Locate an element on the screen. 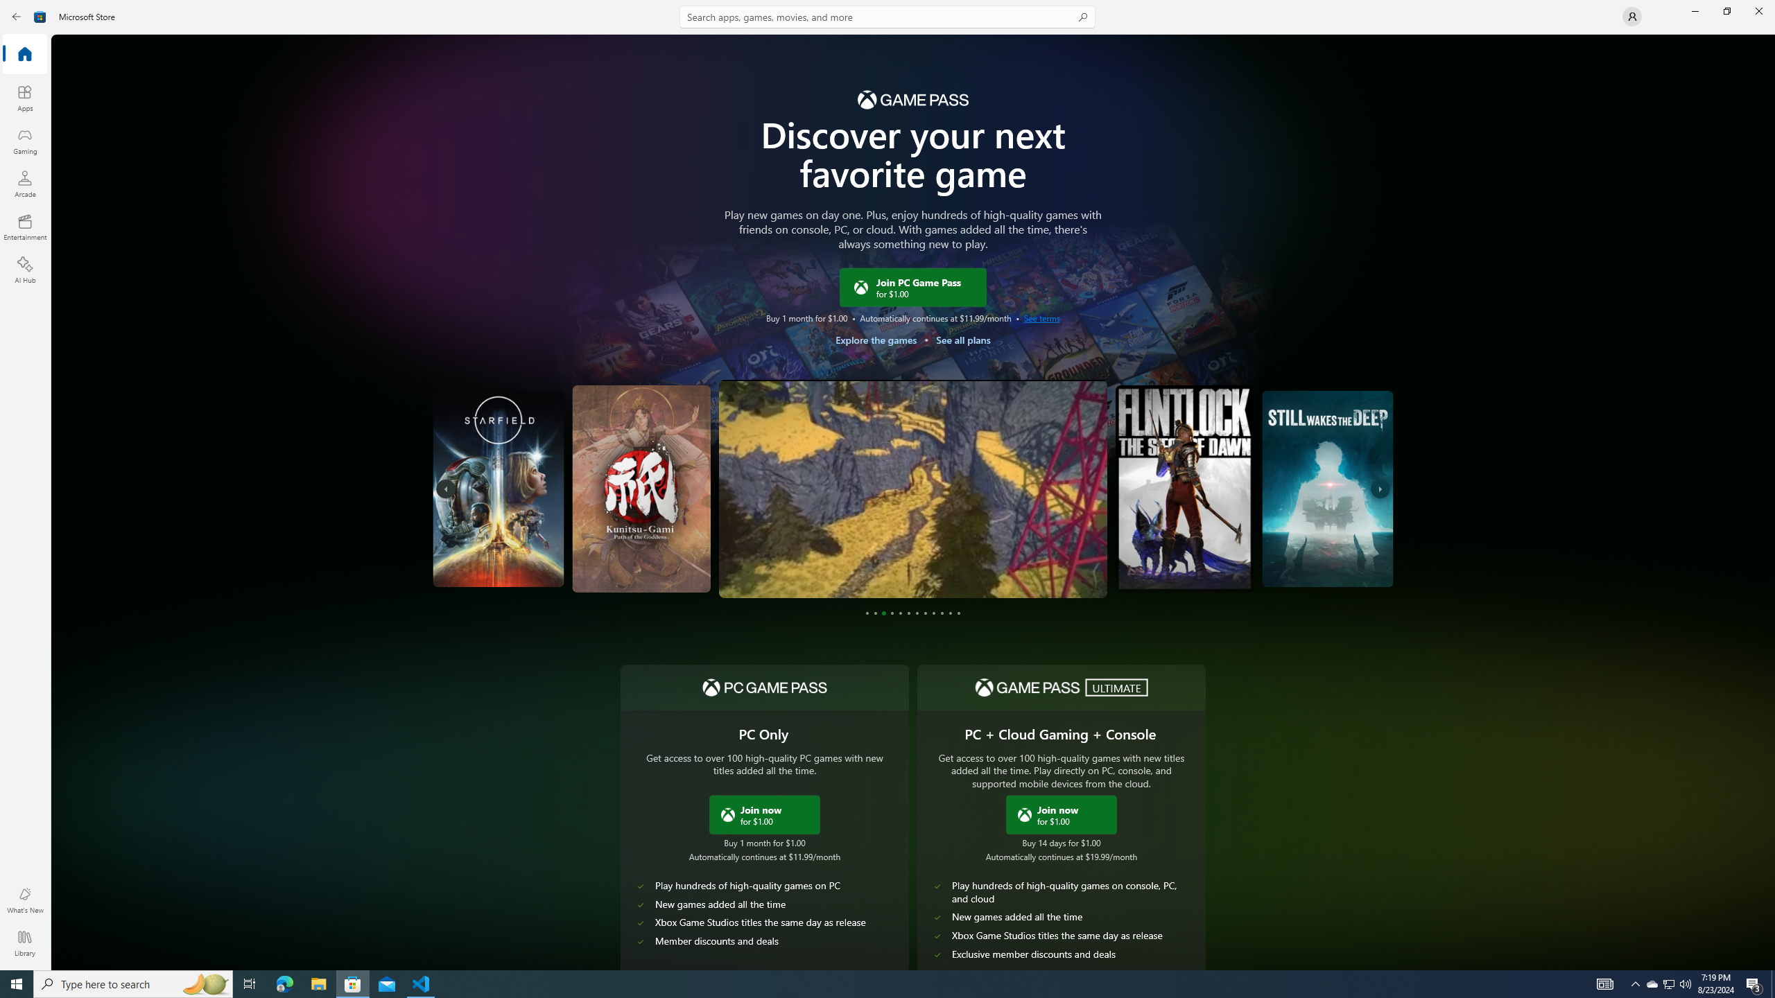  'Page 5' is located at coordinates (901, 613).